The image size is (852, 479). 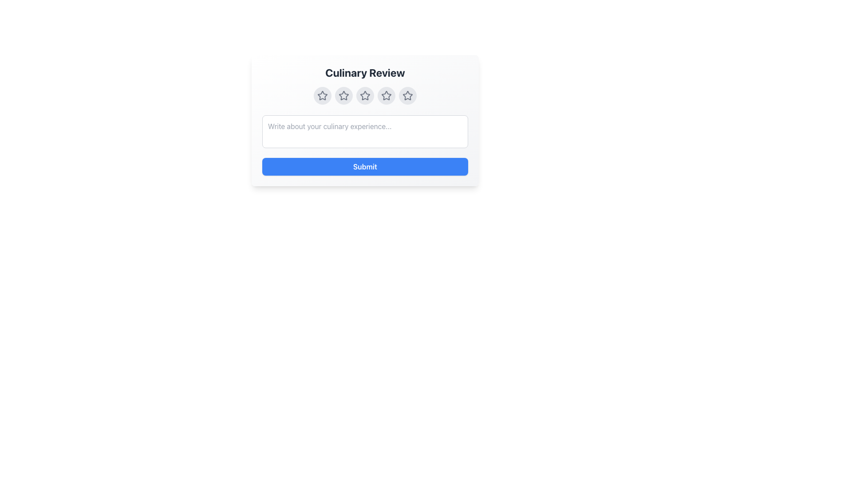 What do you see at coordinates (407, 96) in the screenshot?
I see `the fifth circular button with a gray background and a star icon located under the 'Culinary Review' title` at bounding box center [407, 96].